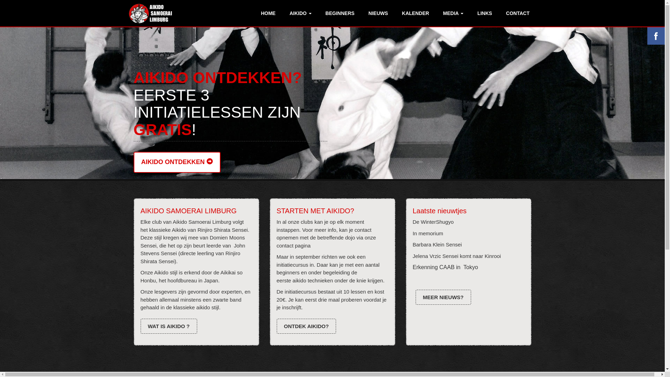 The image size is (670, 377). I want to click on 'AIKIDO', so click(300, 13).